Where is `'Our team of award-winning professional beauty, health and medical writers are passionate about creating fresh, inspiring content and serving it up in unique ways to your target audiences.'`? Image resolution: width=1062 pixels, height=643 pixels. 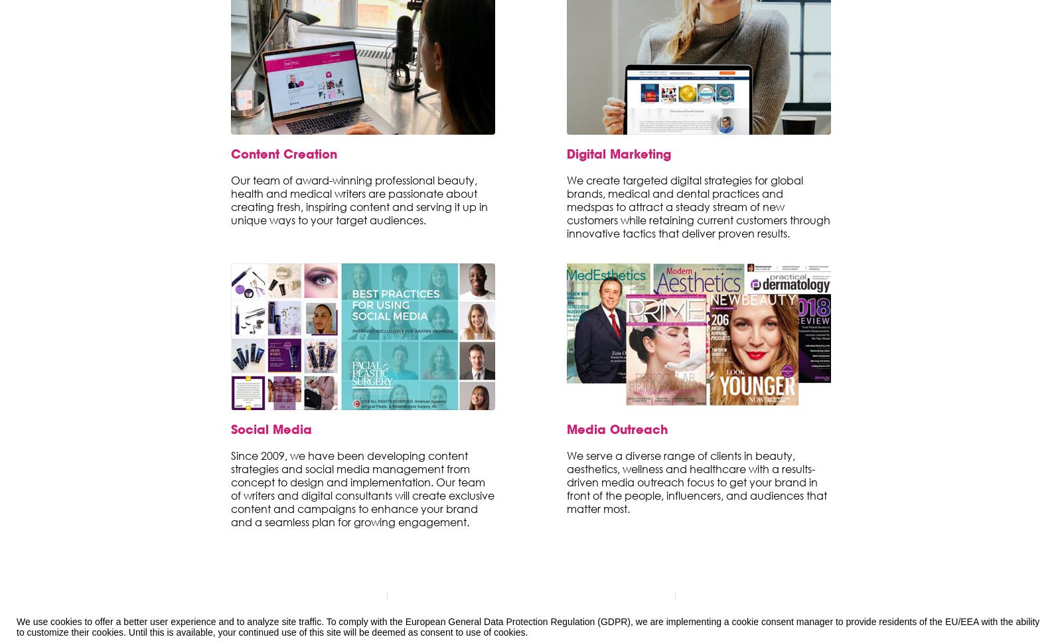
'Our team of award-winning professional beauty, health and medical writers are passionate about creating fresh, inspiring content and serving it up in unique ways to your target audiences.' is located at coordinates (358, 199).